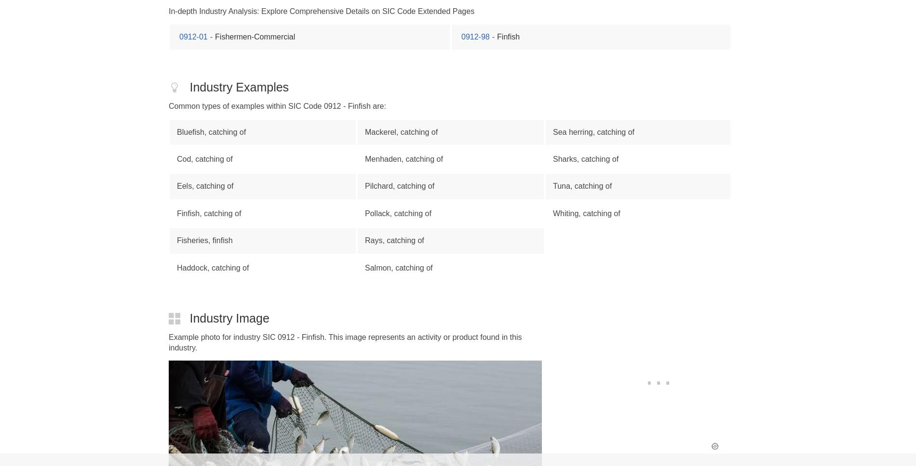  What do you see at coordinates (204, 159) in the screenshot?
I see `'Cod, catching of'` at bounding box center [204, 159].